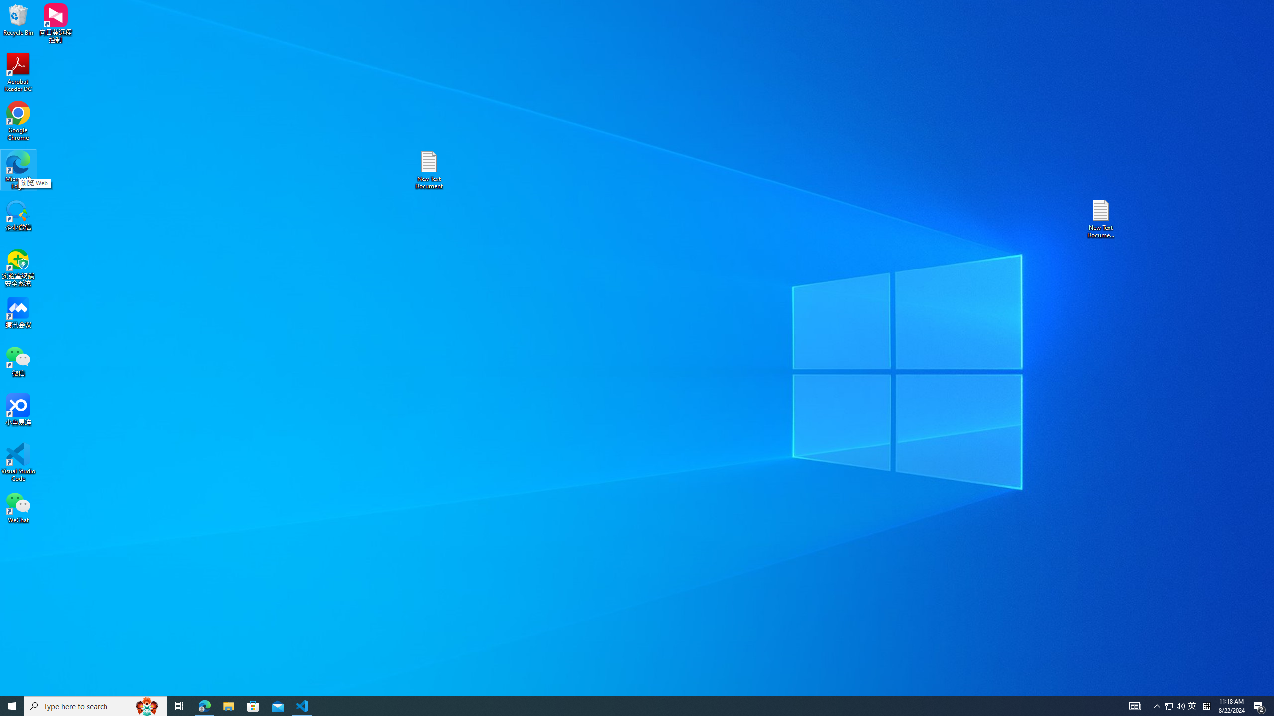  What do you see at coordinates (18, 461) in the screenshot?
I see `'Visual Studio Code'` at bounding box center [18, 461].